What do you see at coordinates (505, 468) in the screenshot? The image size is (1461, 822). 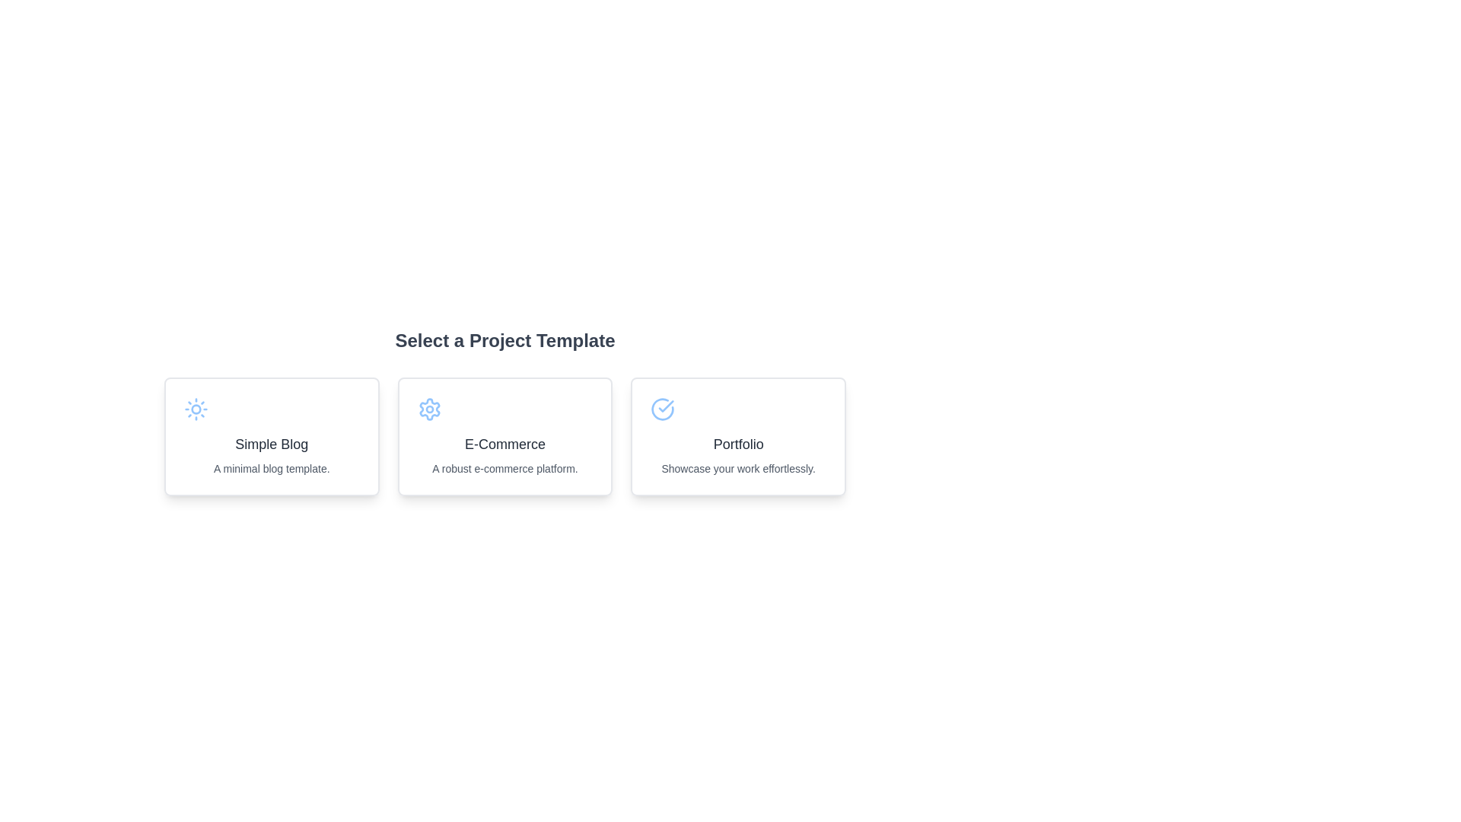 I see `descriptive text located at the bottom of the 'E-Commerce' template card in the interface` at bounding box center [505, 468].